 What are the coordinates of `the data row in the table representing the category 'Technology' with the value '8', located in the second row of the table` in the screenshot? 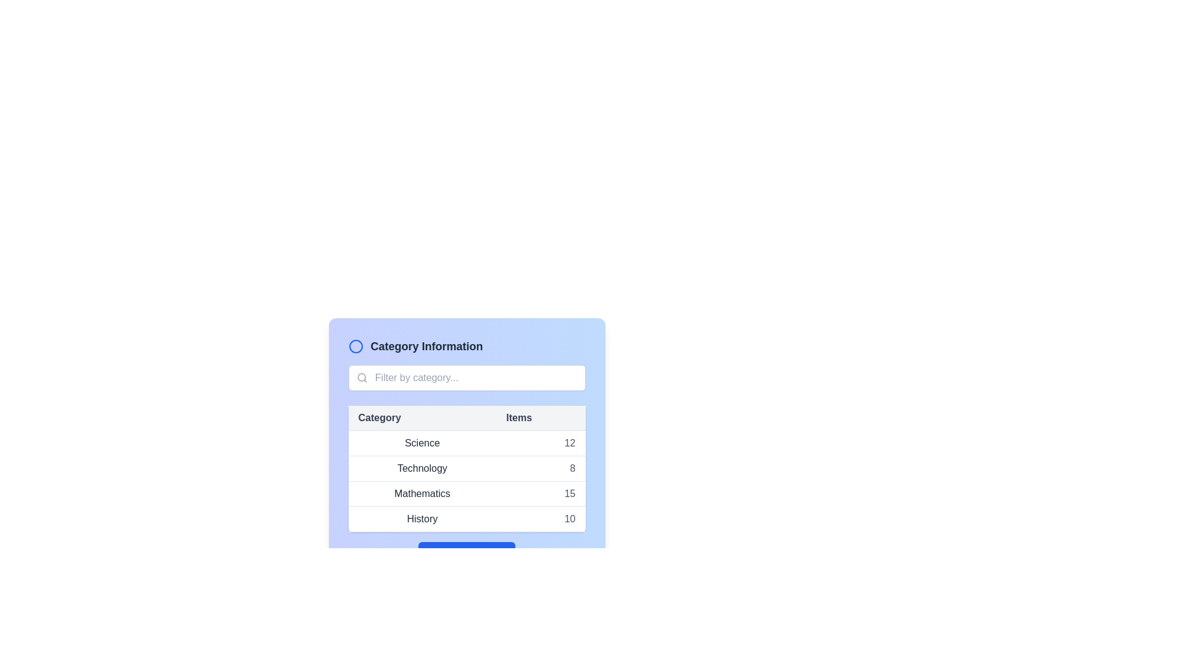 It's located at (466, 480).